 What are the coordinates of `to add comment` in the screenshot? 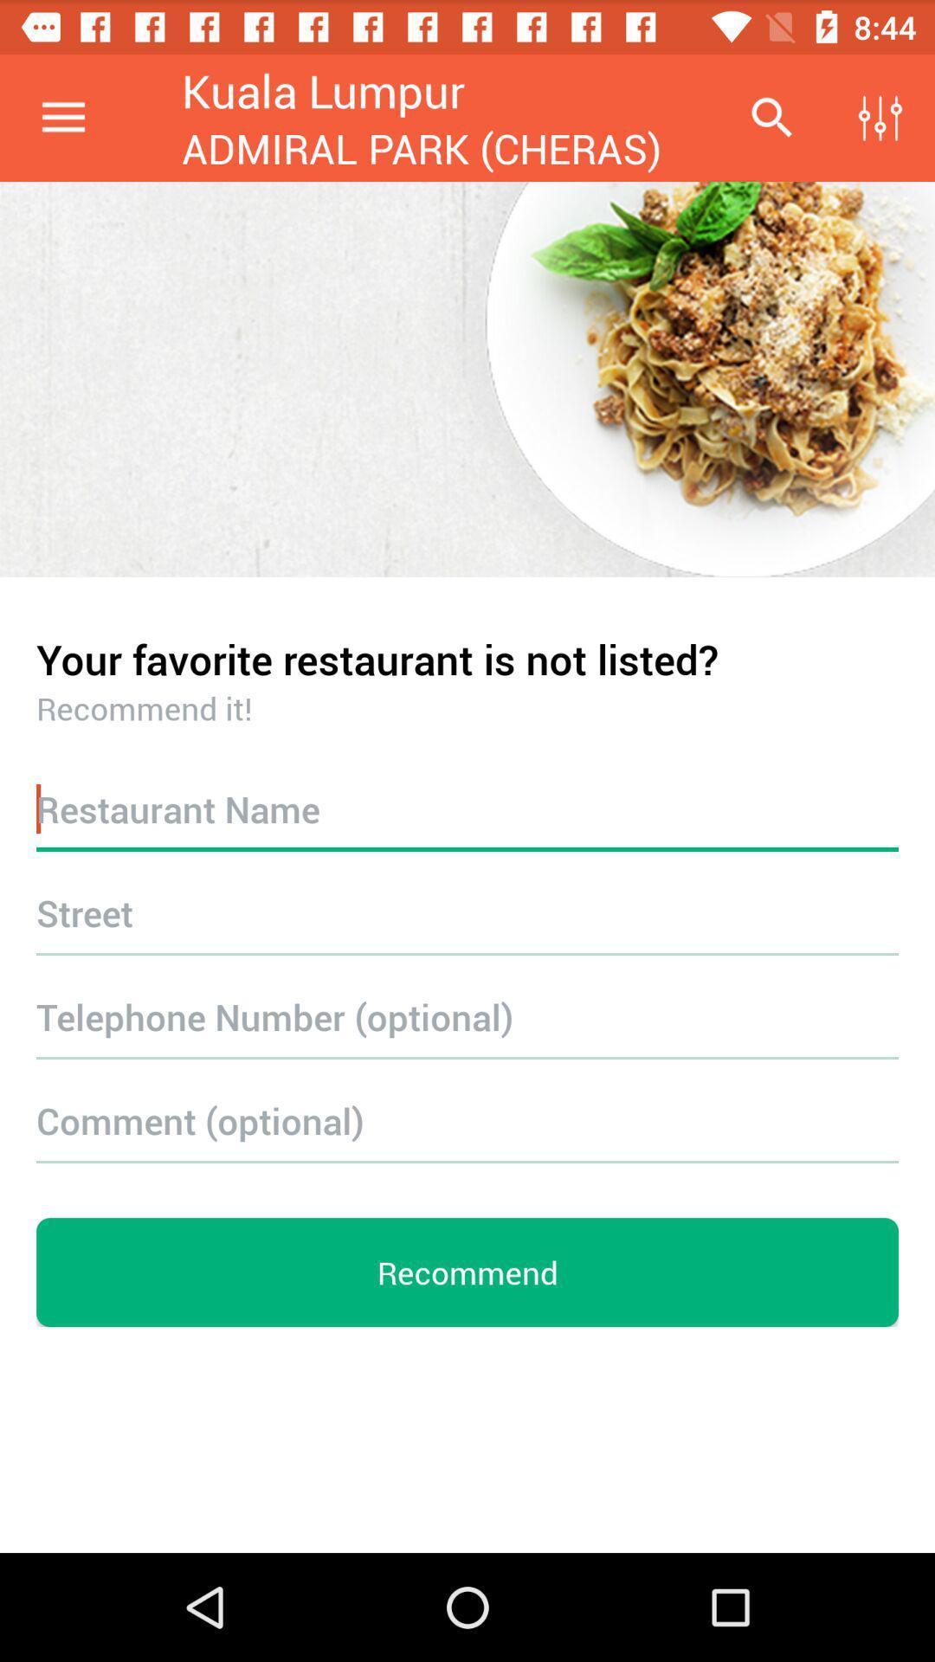 It's located at (467, 1120).